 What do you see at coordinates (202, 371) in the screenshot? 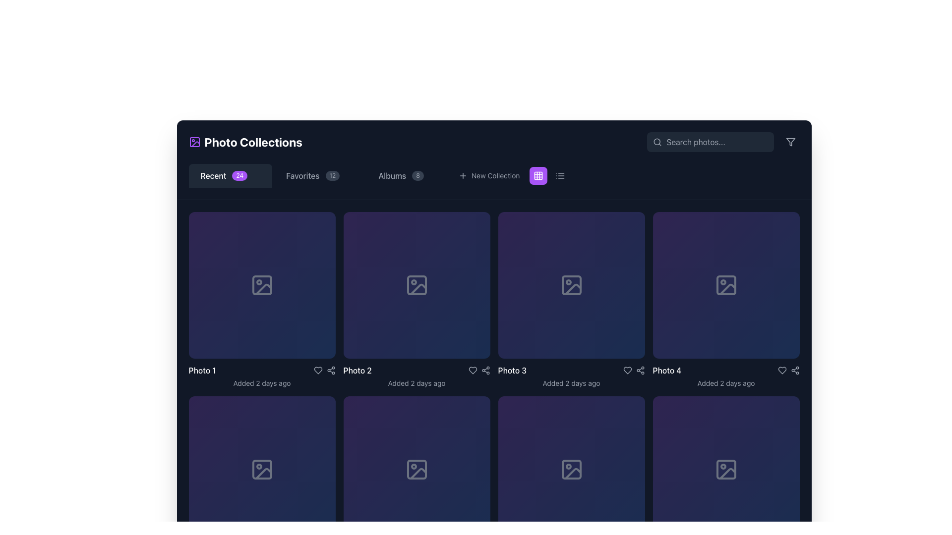
I see `the static text label that describes the photo title located at the bottom-left of the first photo card in the grid layout` at bounding box center [202, 371].